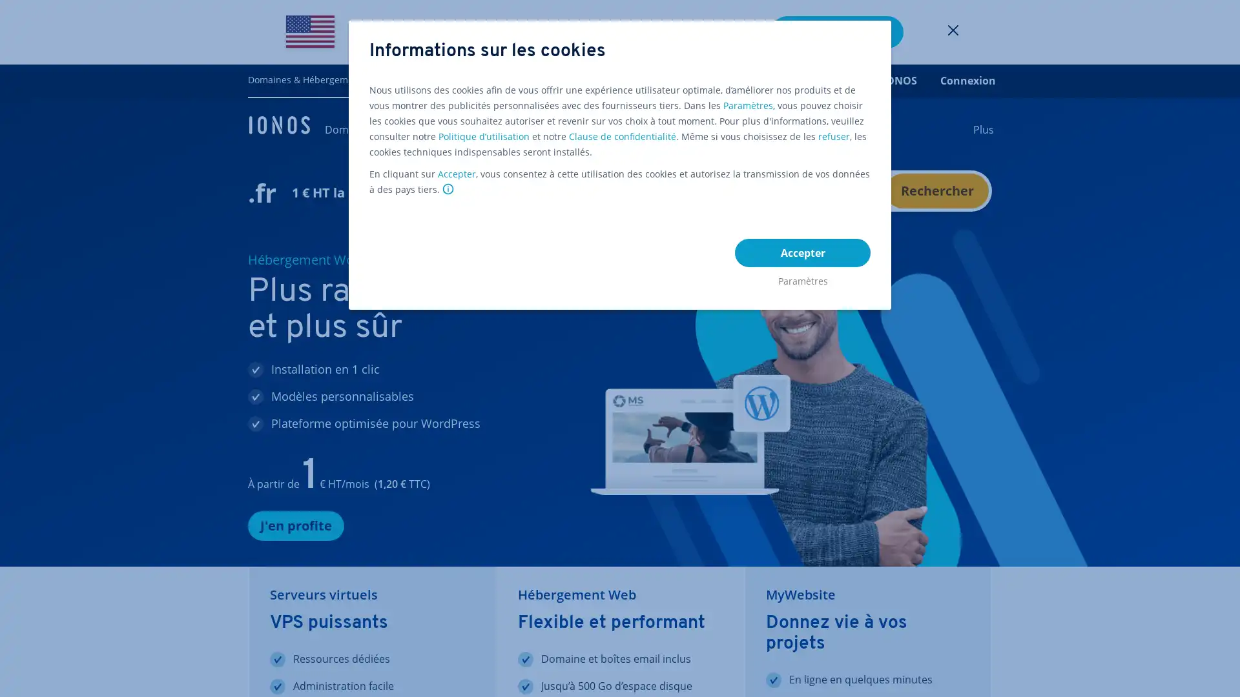 The image size is (1240, 697). What do you see at coordinates (349, 129) in the screenshot?
I see `Domaines` at bounding box center [349, 129].